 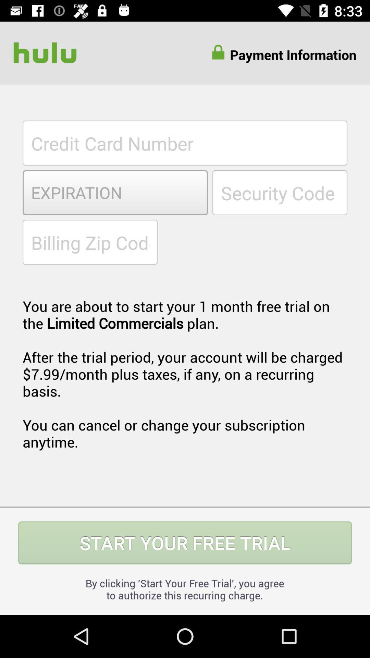 I want to click on credit card number text input, so click(x=185, y=143).